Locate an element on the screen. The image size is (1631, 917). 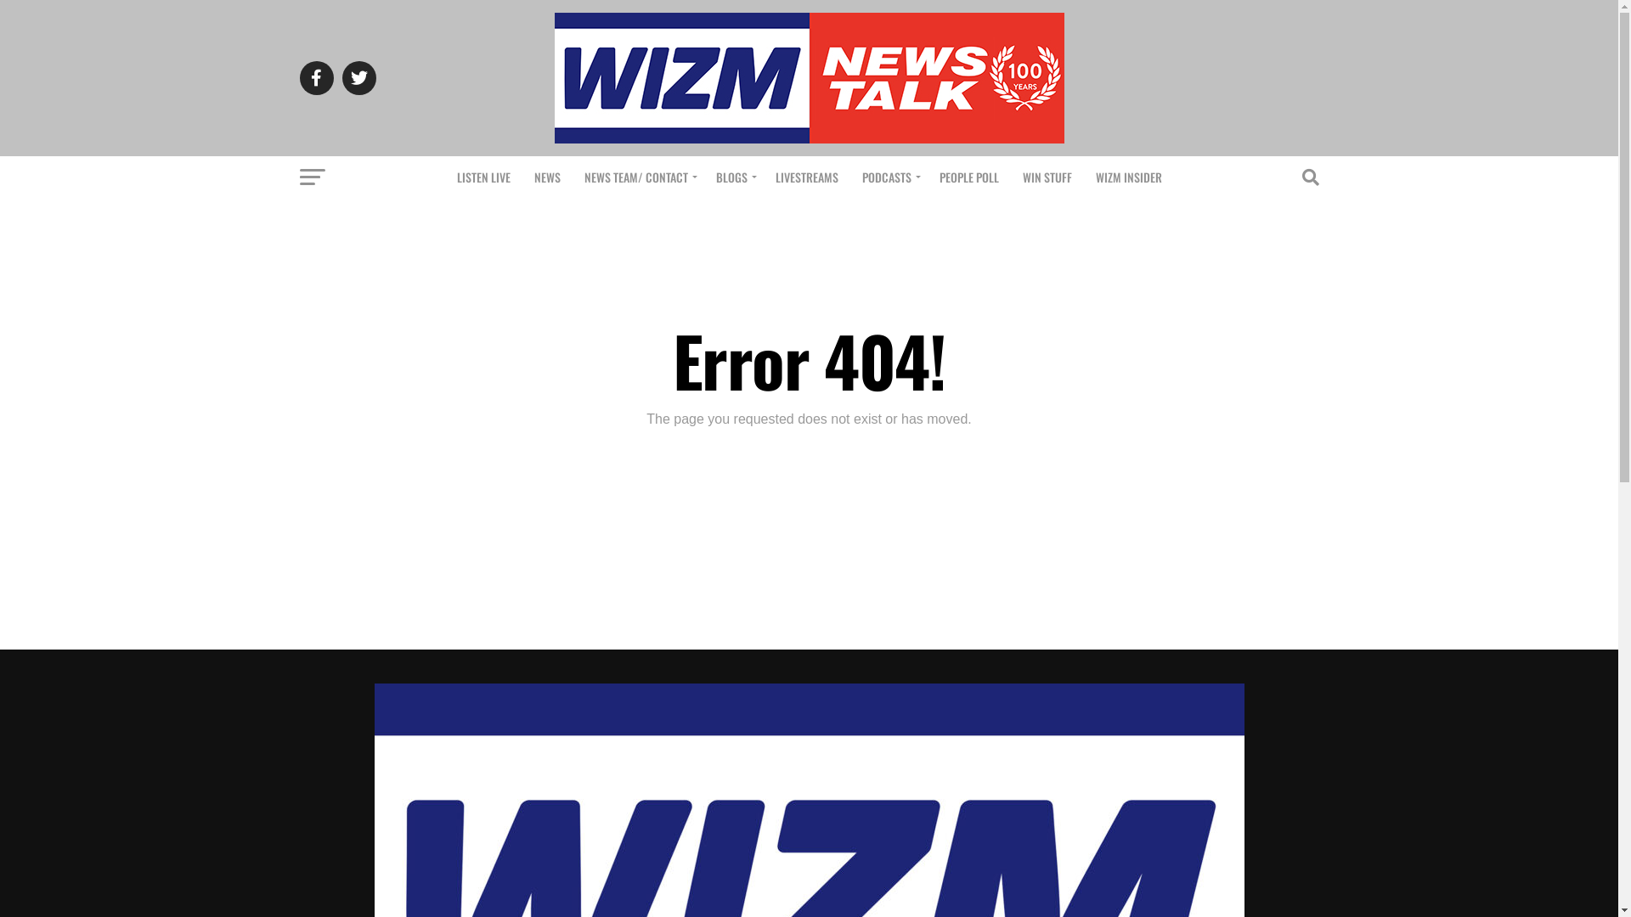
'LIVESTREAMS' is located at coordinates (805, 177).